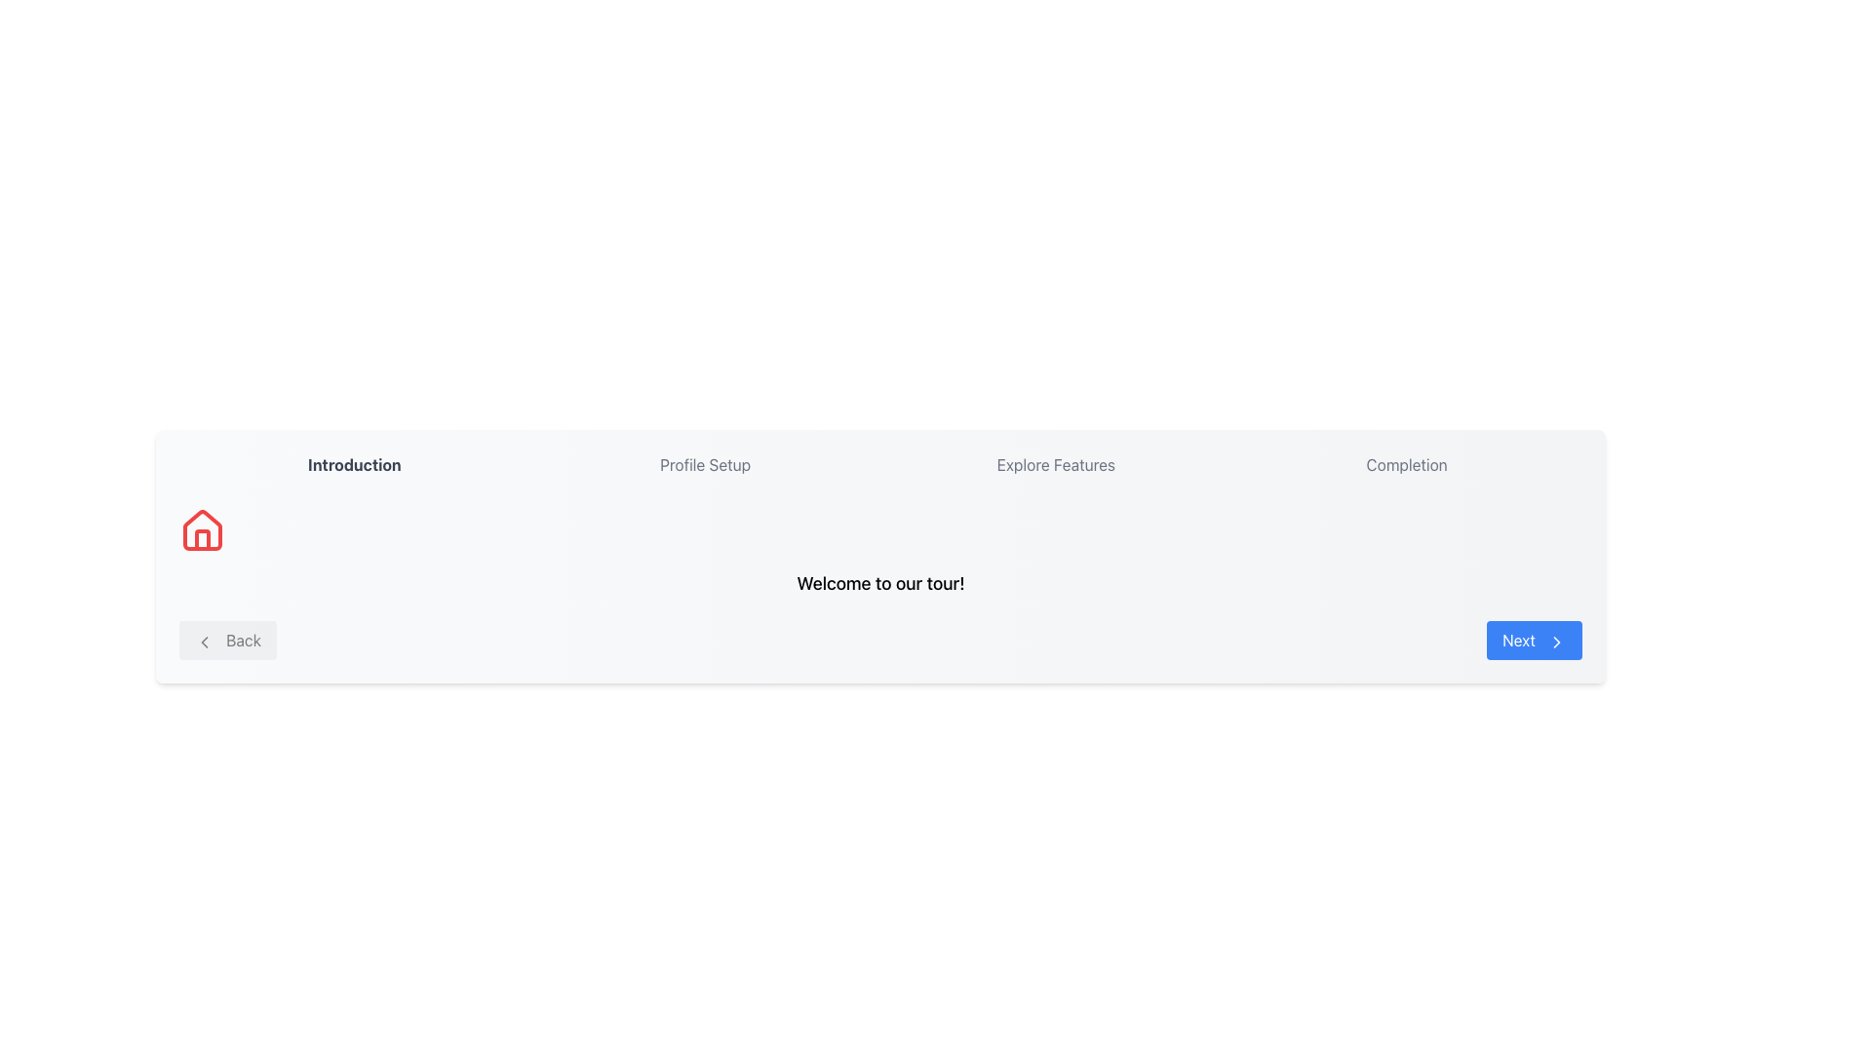 This screenshot has width=1872, height=1053. What do you see at coordinates (879, 465) in the screenshot?
I see `the Horizontal Step Progress Bar which serves as a progress indicator for the user, showing various steps in a workflow or process with the current step highlighted` at bounding box center [879, 465].